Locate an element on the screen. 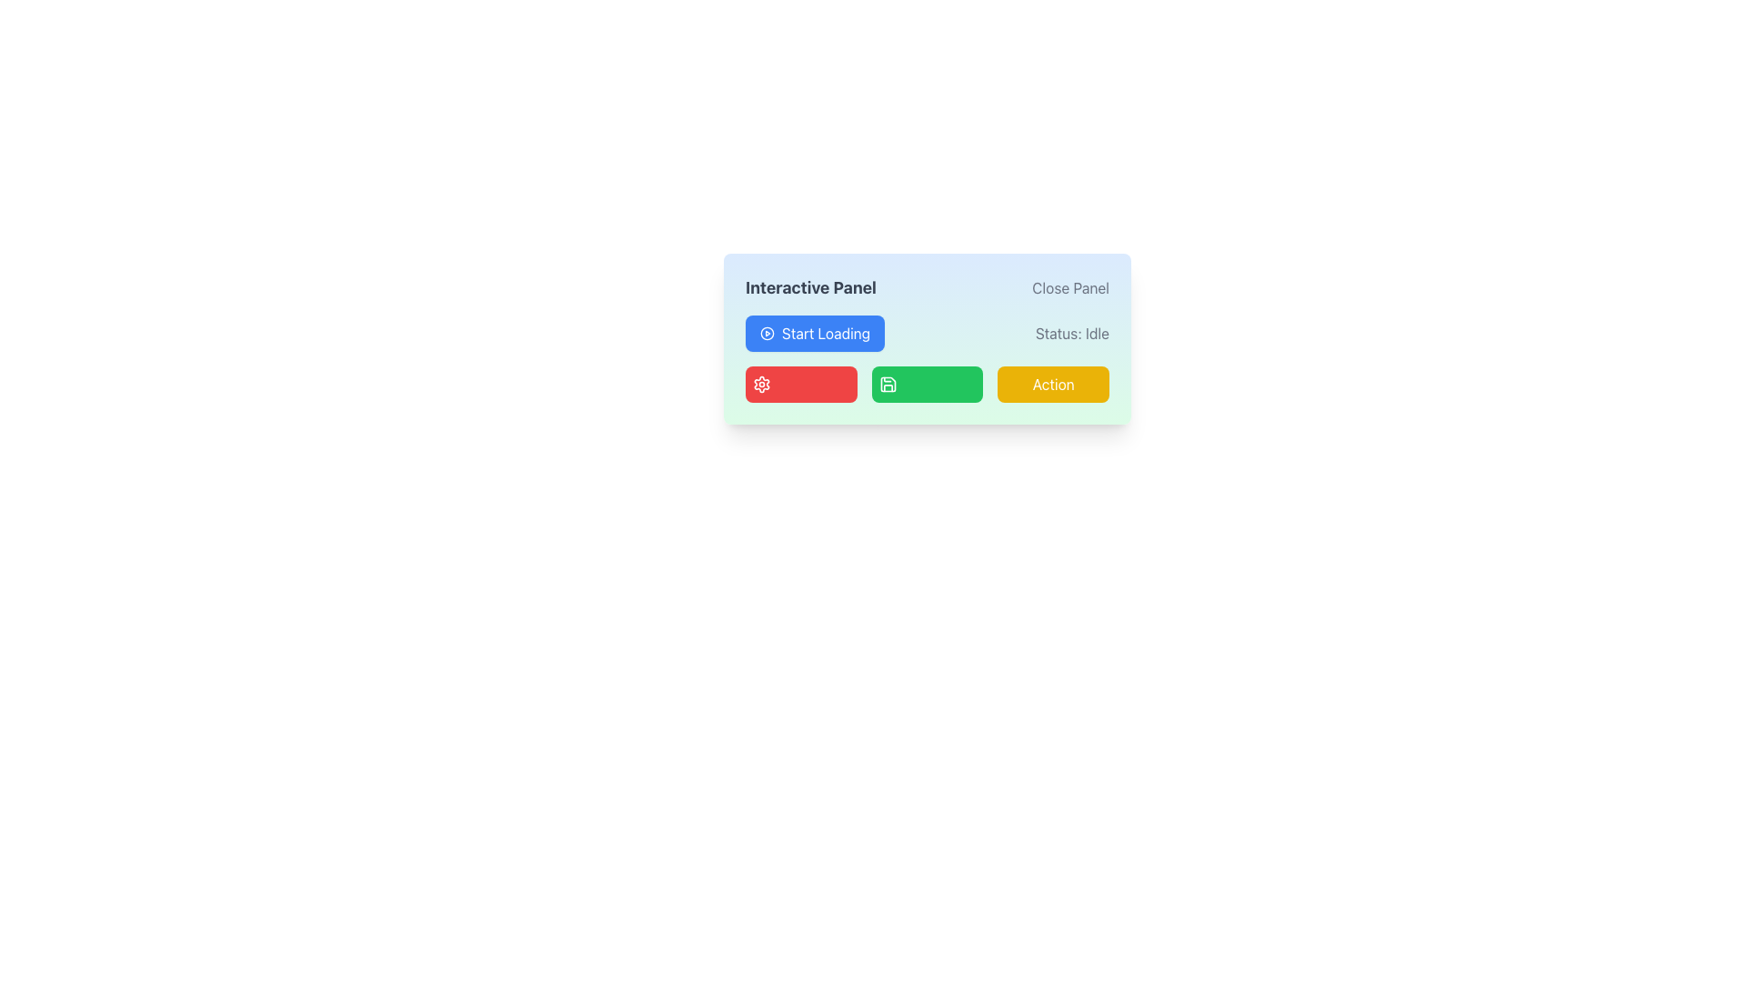 The width and height of the screenshot is (1746, 982). the interactive button labeled 'Action', which is the third button in a row of three, positioned at the far right adjacent to a green button is located at coordinates (1053, 384).